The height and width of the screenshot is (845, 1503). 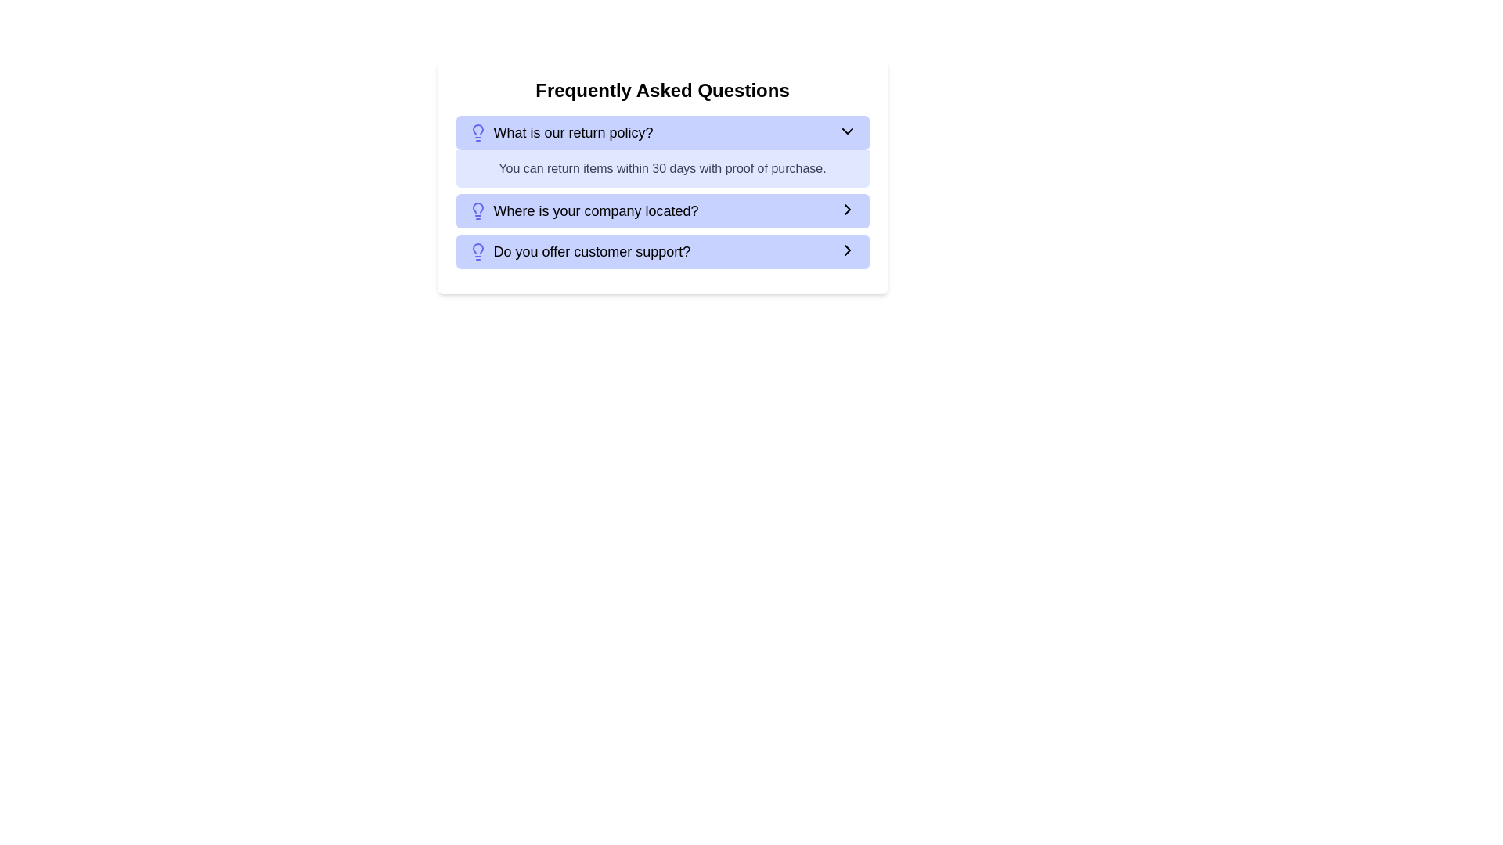 What do you see at coordinates (846, 208) in the screenshot?
I see `the rightward pointing chevron icon located to the right of the text 'Where is your company located?' in the blue background box` at bounding box center [846, 208].